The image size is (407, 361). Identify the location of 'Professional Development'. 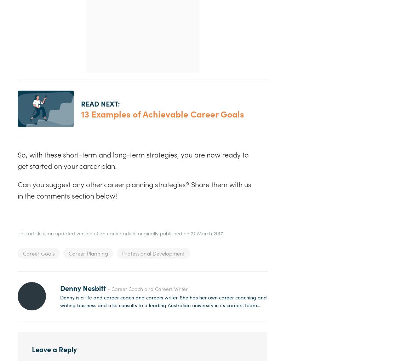
(153, 253).